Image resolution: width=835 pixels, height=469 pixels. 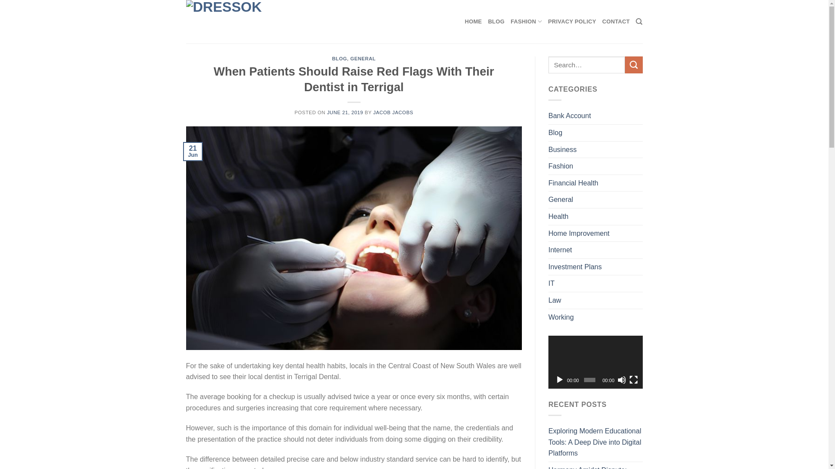 What do you see at coordinates (602, 21) in the screenshot?
I see `'CONTACT'` at bounding box center [602, 21].